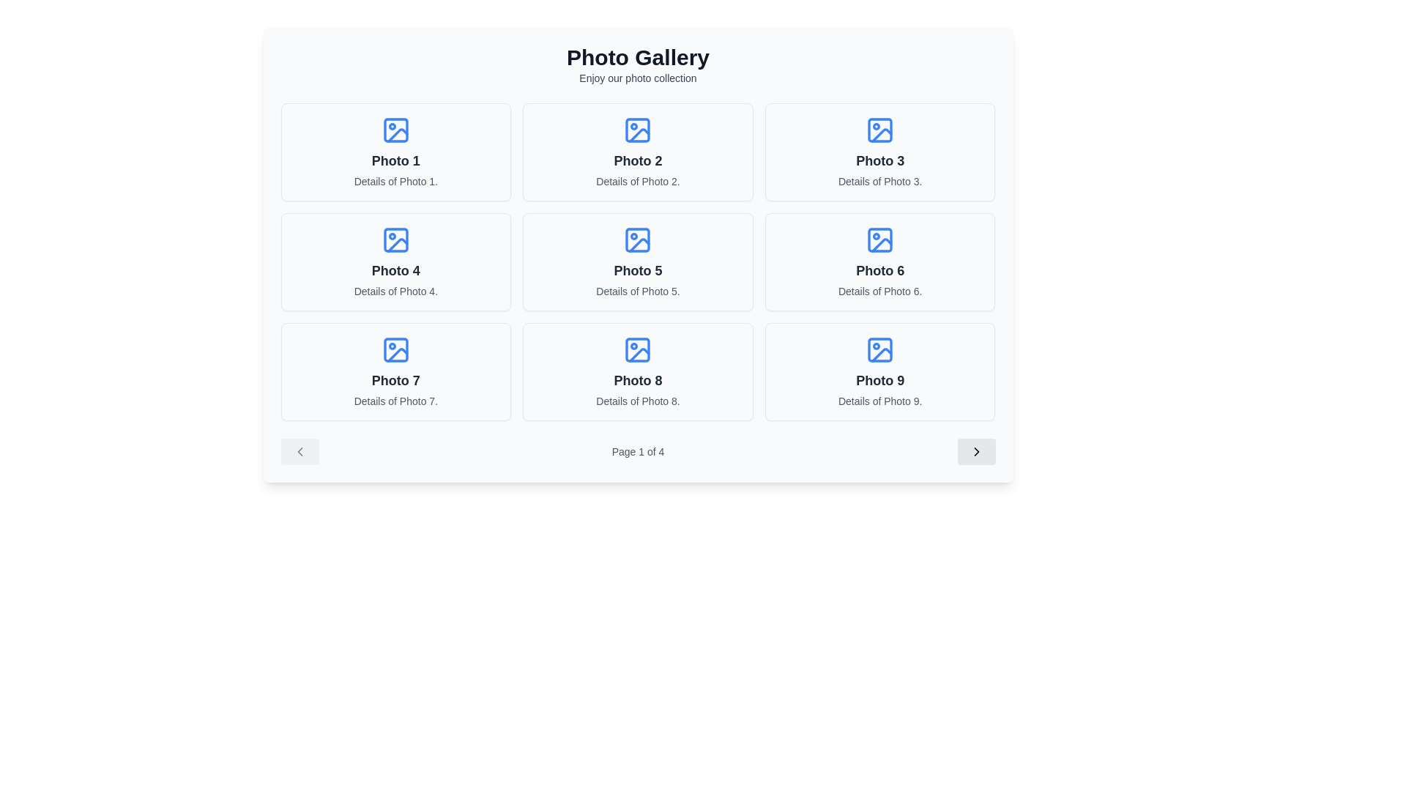 The width and height of the screenshot is (1406, 791). I want to click on the right-pointing chevron arrow icon located in the bottom-right region of the interface for potential tooltip display, so click(976, 451).